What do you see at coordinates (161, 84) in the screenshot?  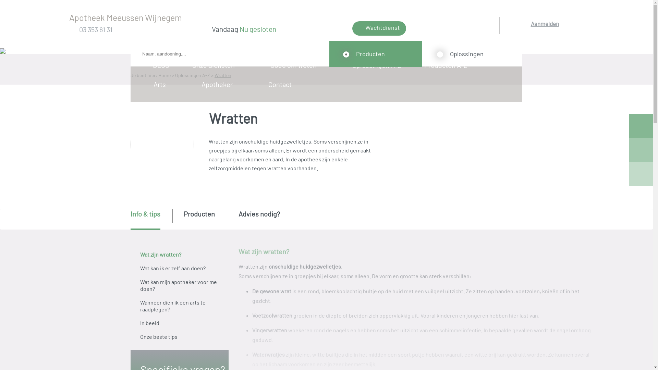 I see `'Arts'` at bounding box center [161, 84].